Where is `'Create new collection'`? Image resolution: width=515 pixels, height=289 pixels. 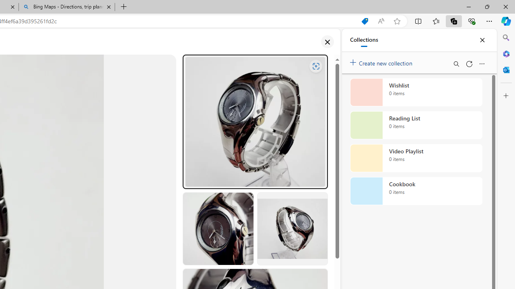
'Create new collection' is located at coordinates (382, 61).